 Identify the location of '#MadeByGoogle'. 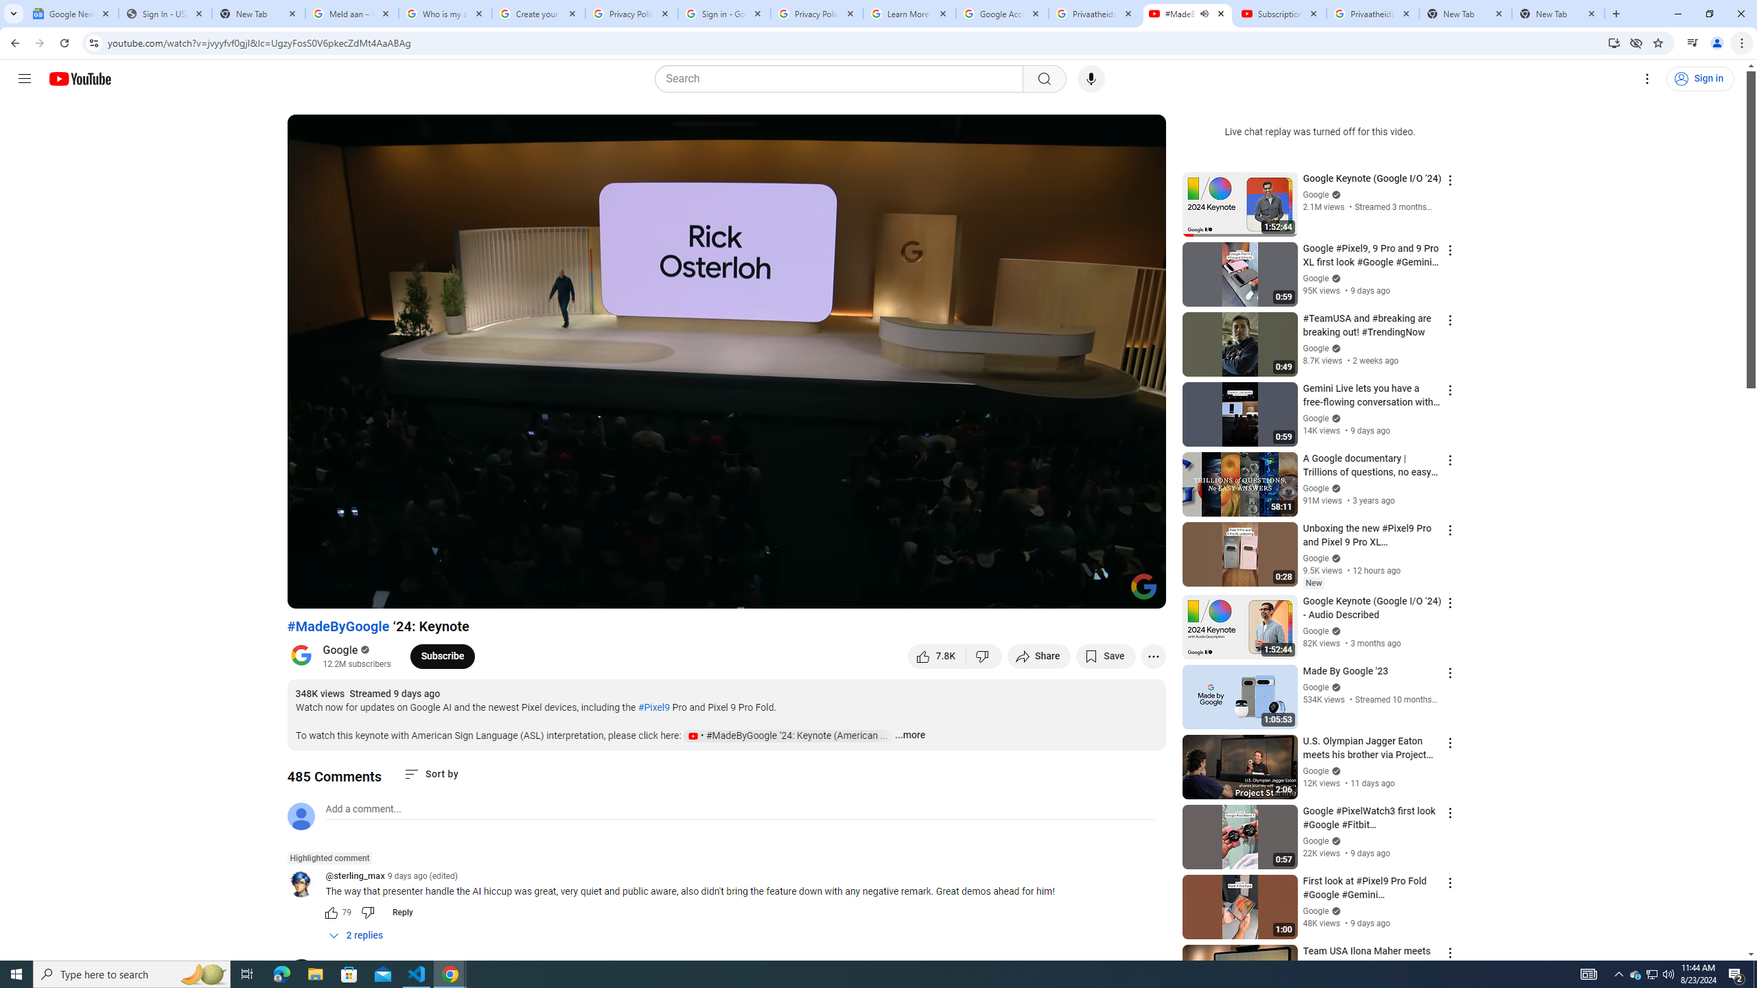
(338, 625).